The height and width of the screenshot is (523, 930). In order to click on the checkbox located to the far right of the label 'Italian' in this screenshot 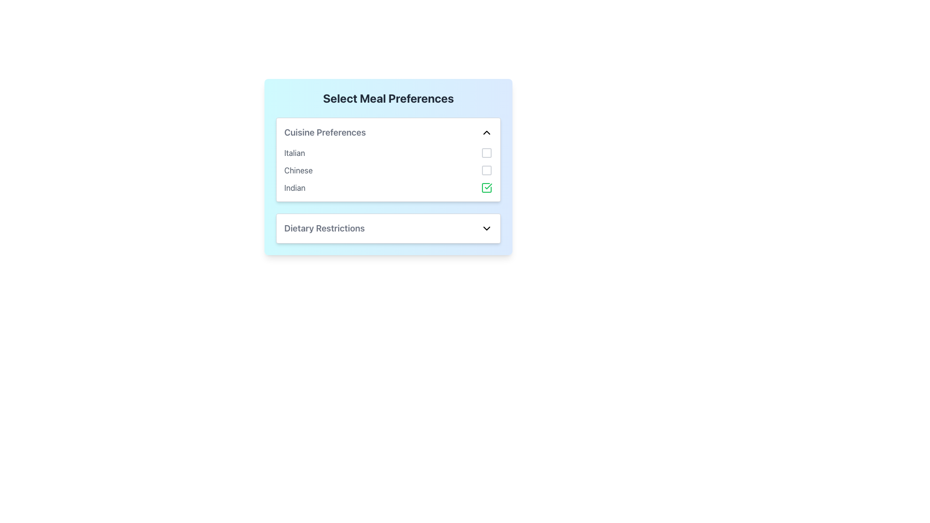, I will do `click(486, 153)`.